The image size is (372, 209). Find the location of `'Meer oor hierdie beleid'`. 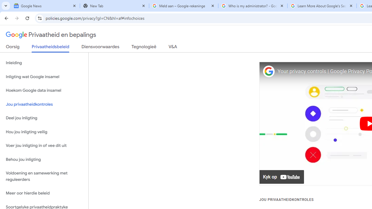

'Meer oor hierdie beleid' is located at coordinates (44, 193).